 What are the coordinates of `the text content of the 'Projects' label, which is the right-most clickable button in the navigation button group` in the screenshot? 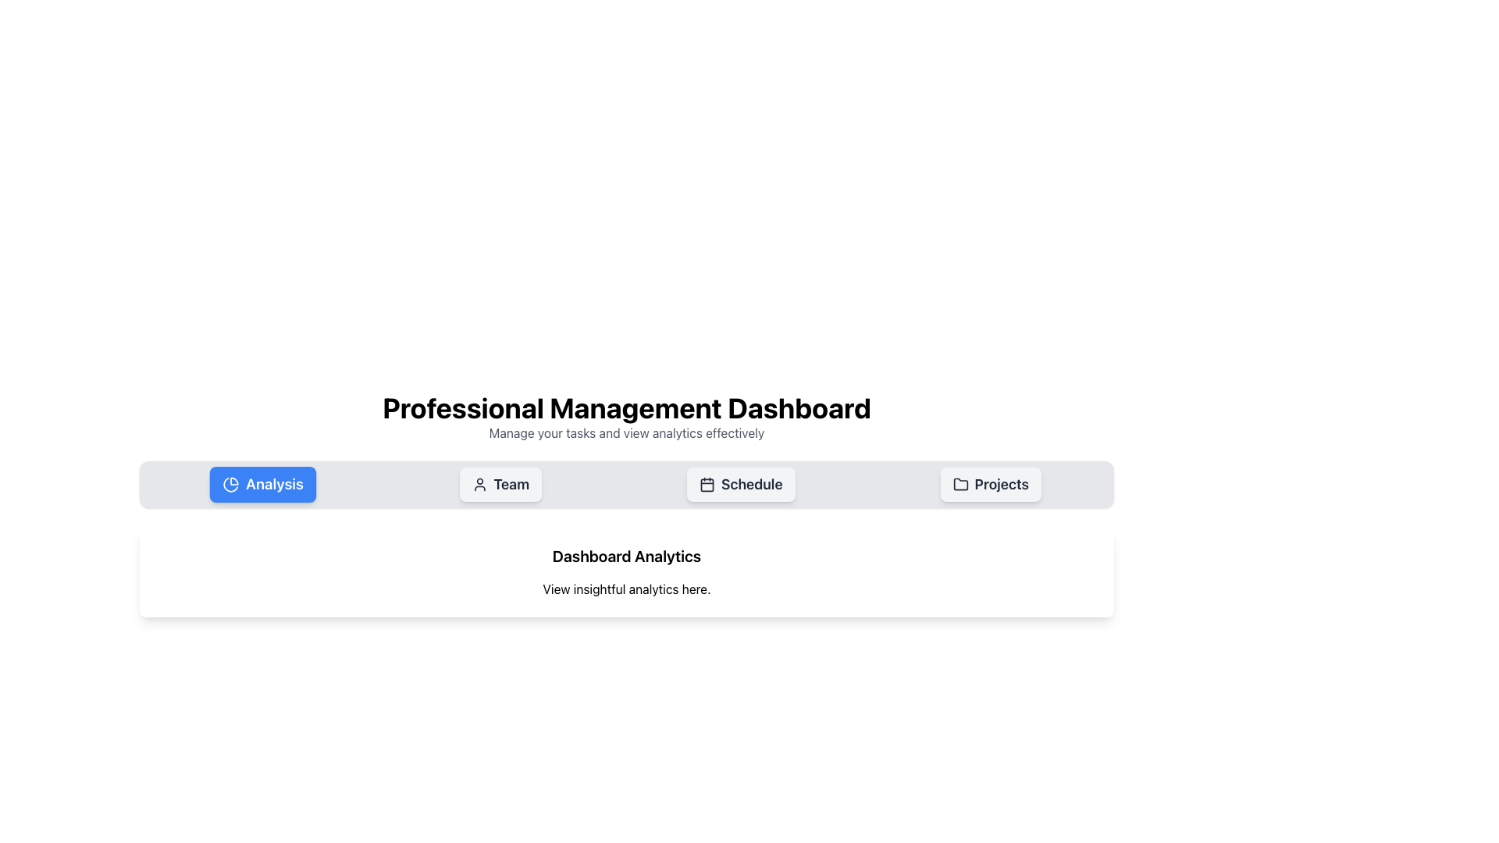 It's located at (1002, 484).